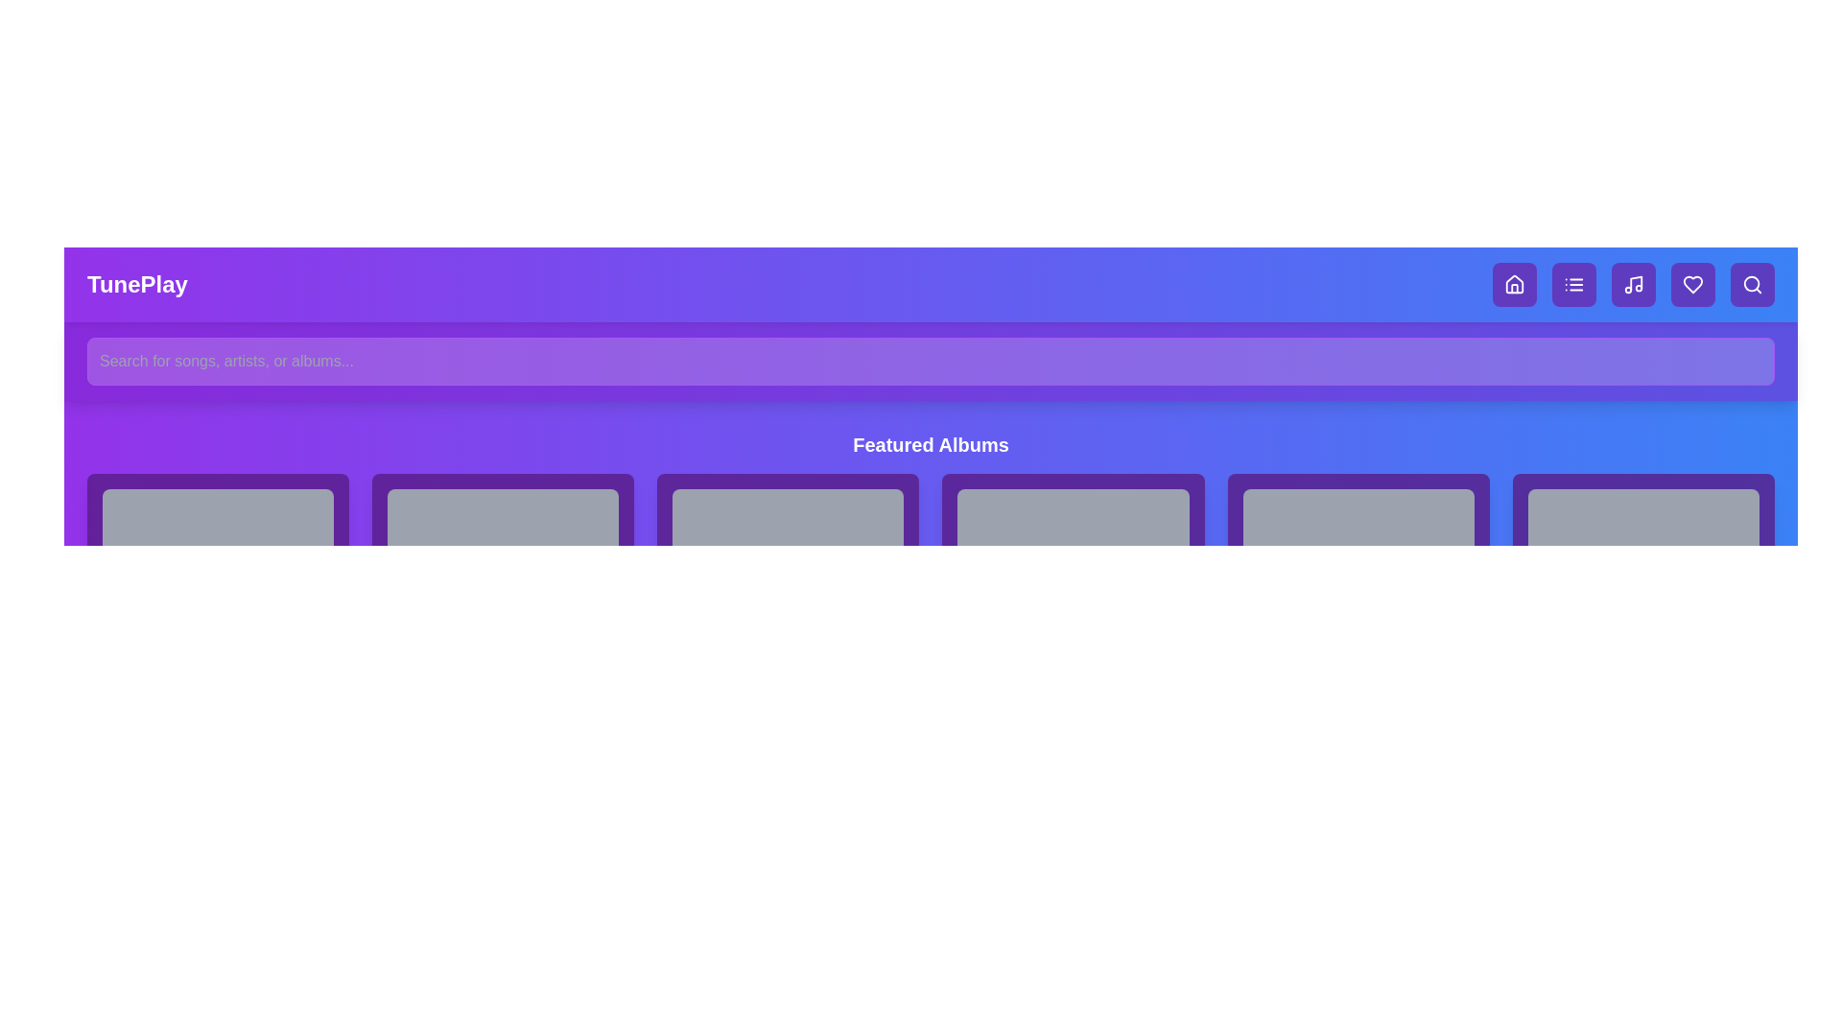 The height and width of the screenshot is (1036, 1842). Describe the element at coordinates (1514, 285) in the screenshot. I see `the navigation button for home` at that location.